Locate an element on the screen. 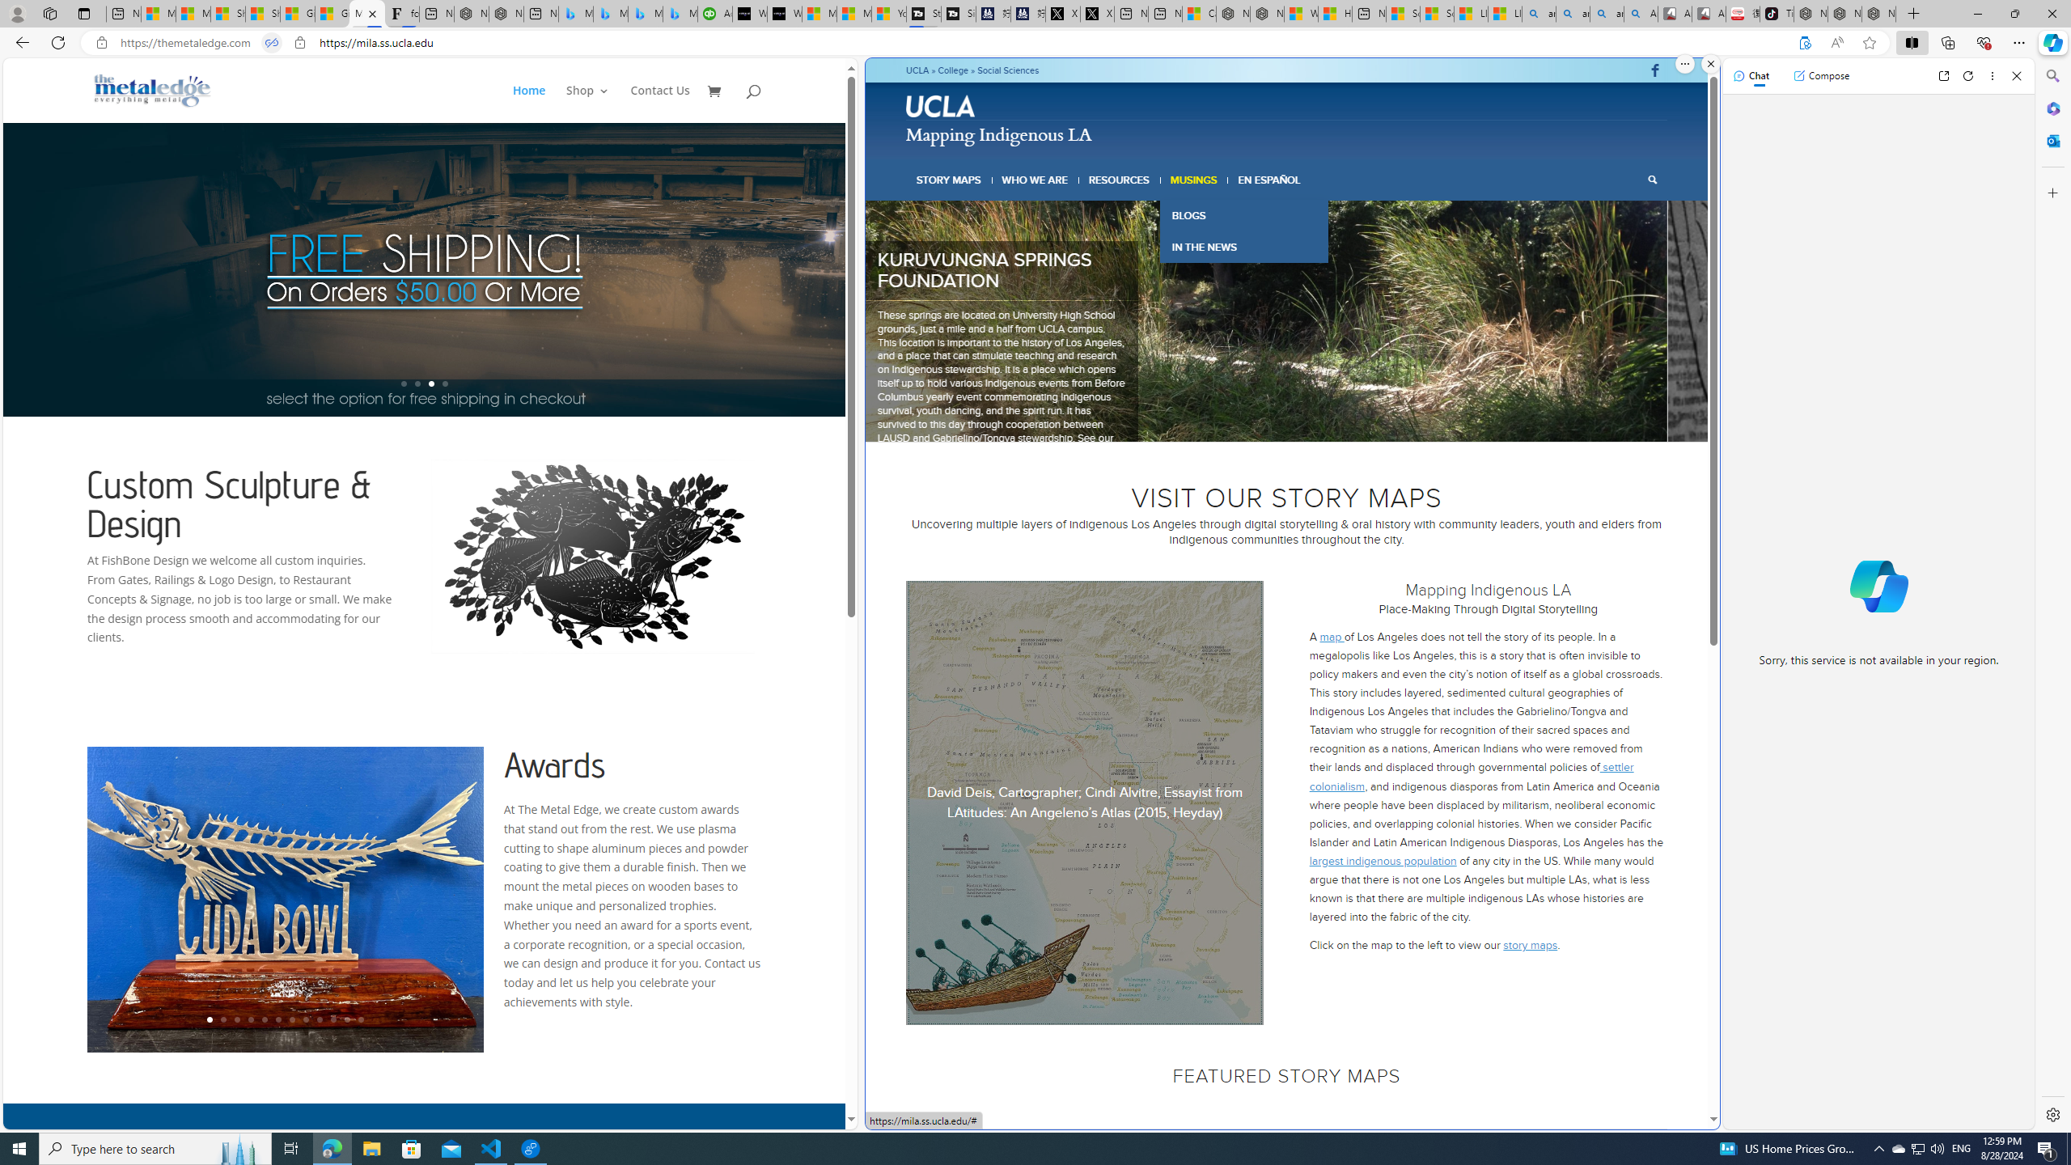 Image resolution: width=2071 pixels, height=1165 pixels. 'WHO WE ARE' is located at coordinates (1035, 180).